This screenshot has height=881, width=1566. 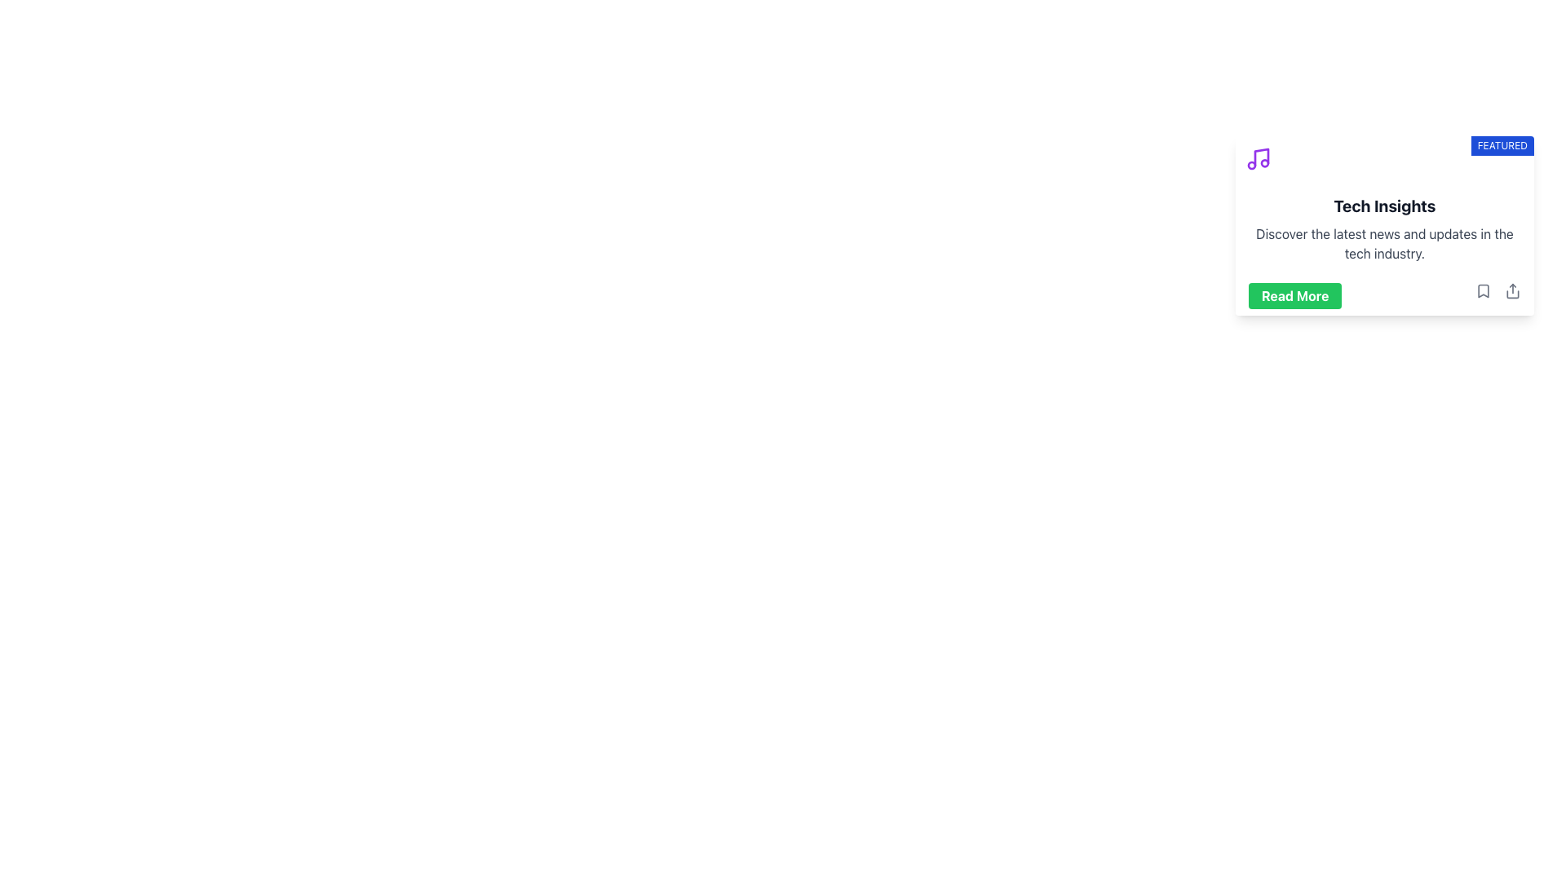 I want to click on the musical note icon represented by a vertical line and a curve, filled with purple color, located in the top-left segment of the information card, so click(x=1260, y=157).